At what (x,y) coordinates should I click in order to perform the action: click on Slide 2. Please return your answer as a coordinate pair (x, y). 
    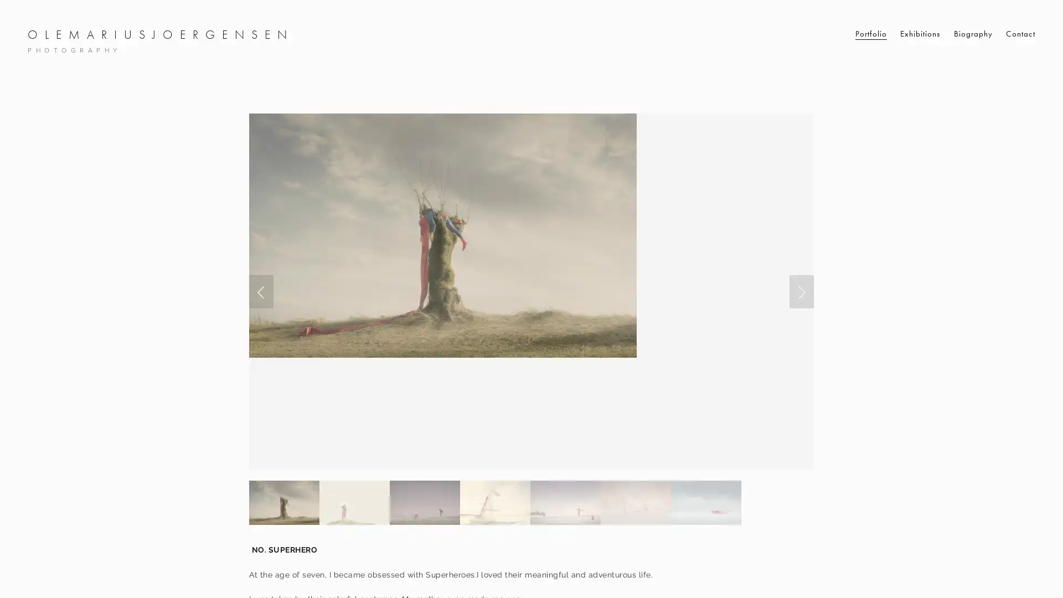
    Looking at the image, I should click on (390, 502).